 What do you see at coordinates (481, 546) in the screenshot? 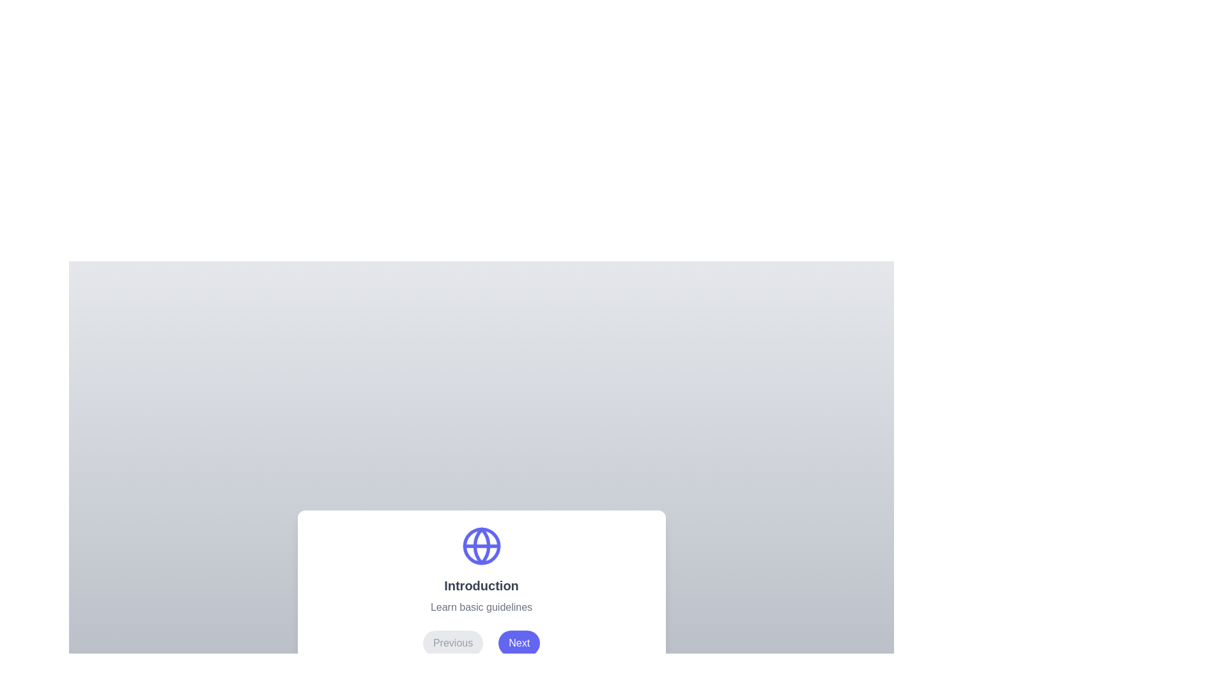
I see `the displayed icon Globe` at bounding box center [481, 546].